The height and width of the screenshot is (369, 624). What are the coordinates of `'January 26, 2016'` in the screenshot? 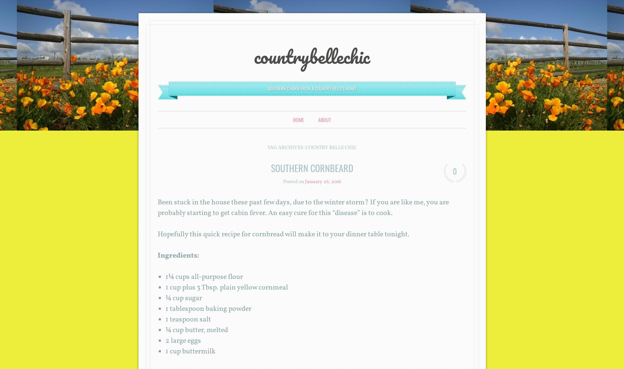 It's located at (322, 182).